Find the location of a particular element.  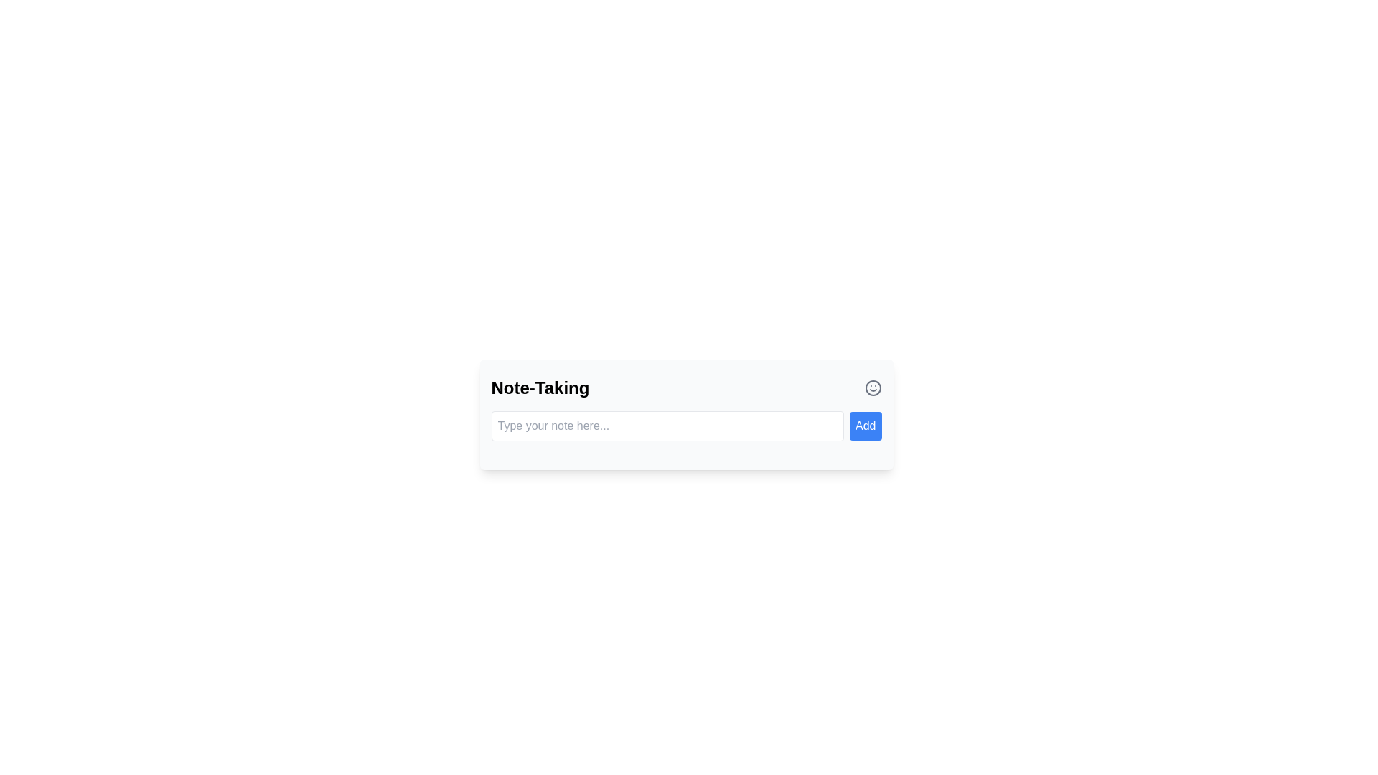

the 'Note-Taking' heading text label, which serves as a descriptive title for the note-taking section is located at coordinates (540, 387).